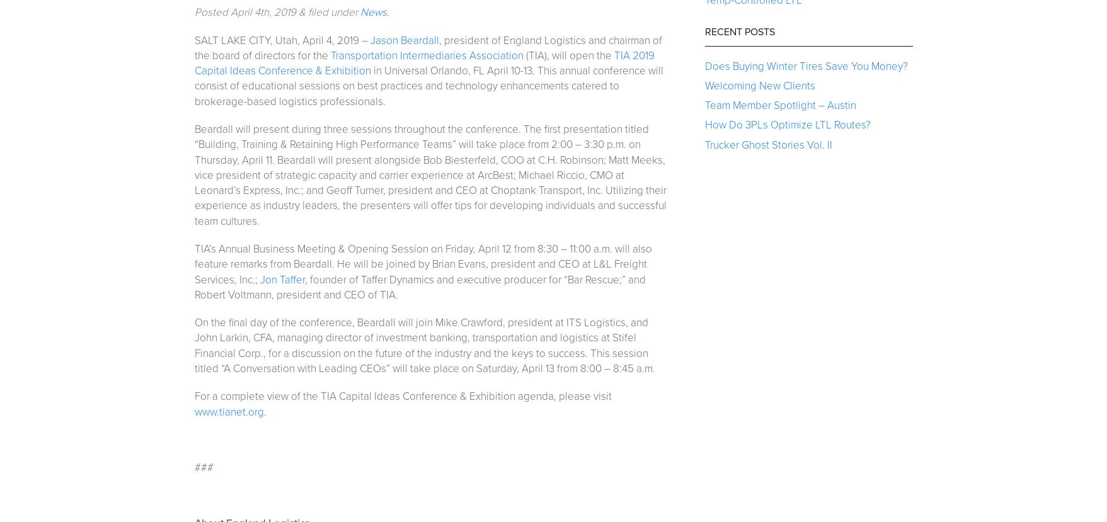 The image size is (1107, 522). Describe the element at coordinates (425, 55) in the screenshot. I see `'Transportation Intermediaries Association'` at that location.